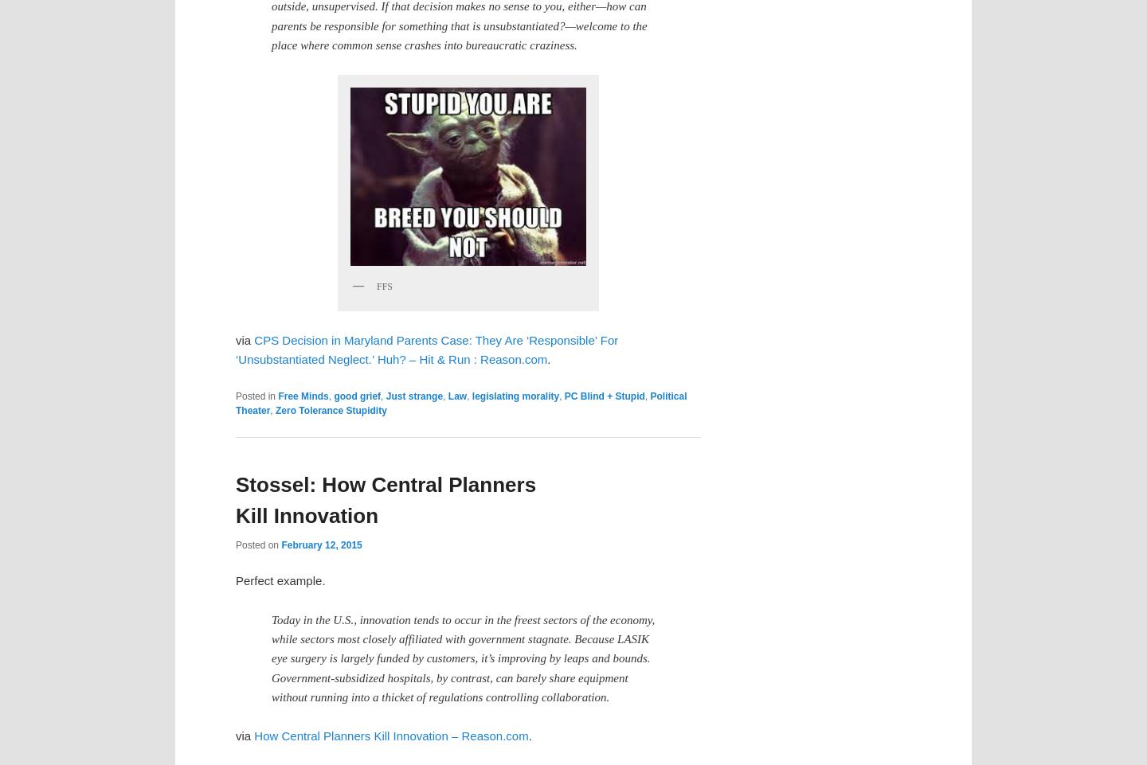 Image resolution: width=1147 pixels, height=765 pixels. I want to click on 'FFS', so click(383, 285).